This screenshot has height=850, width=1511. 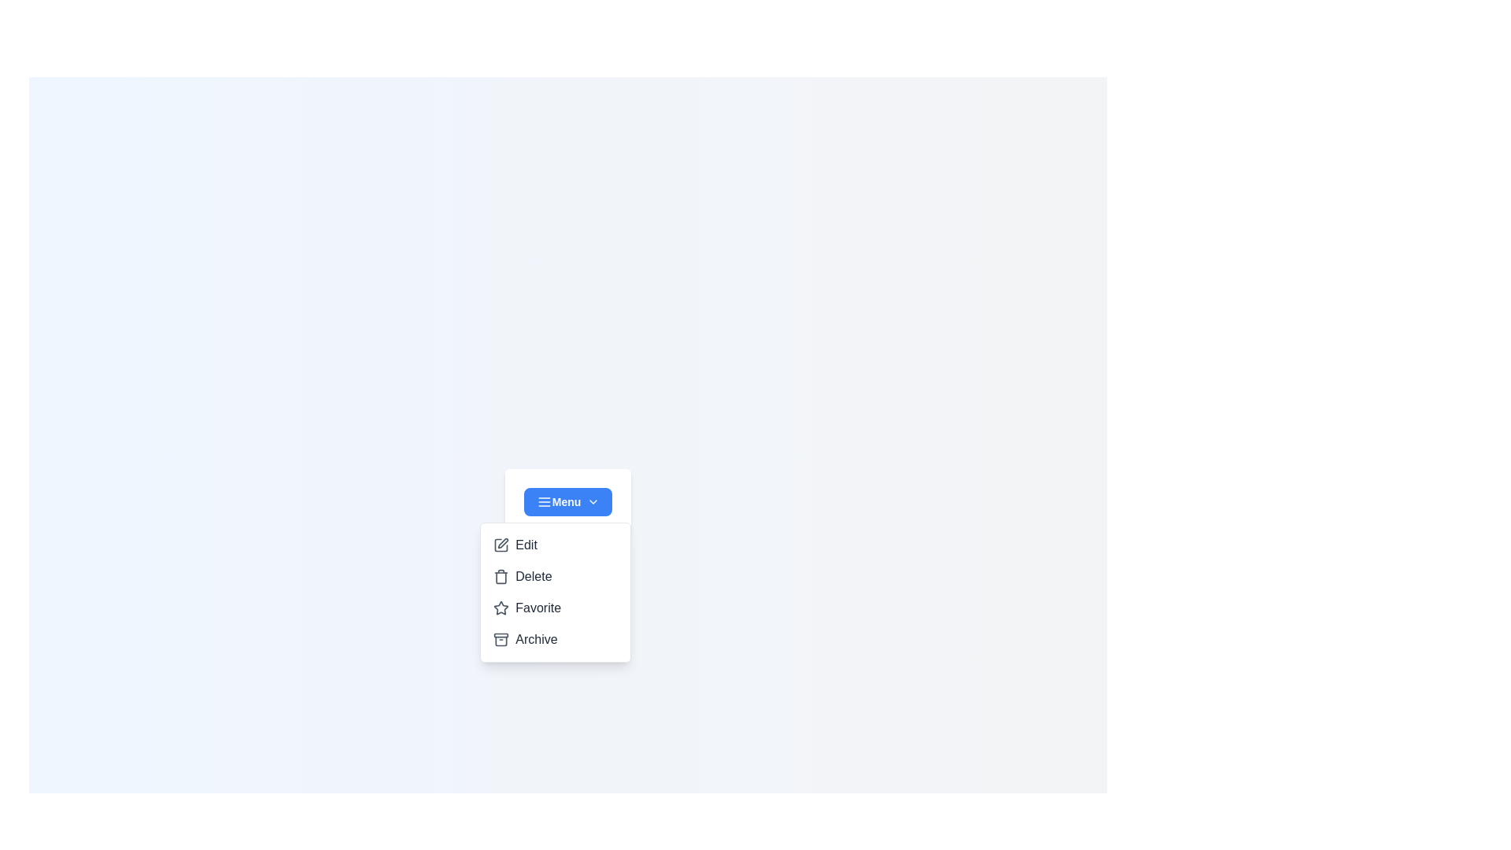 I want to click on the menu item Favorite, so click(x=556, y=607).